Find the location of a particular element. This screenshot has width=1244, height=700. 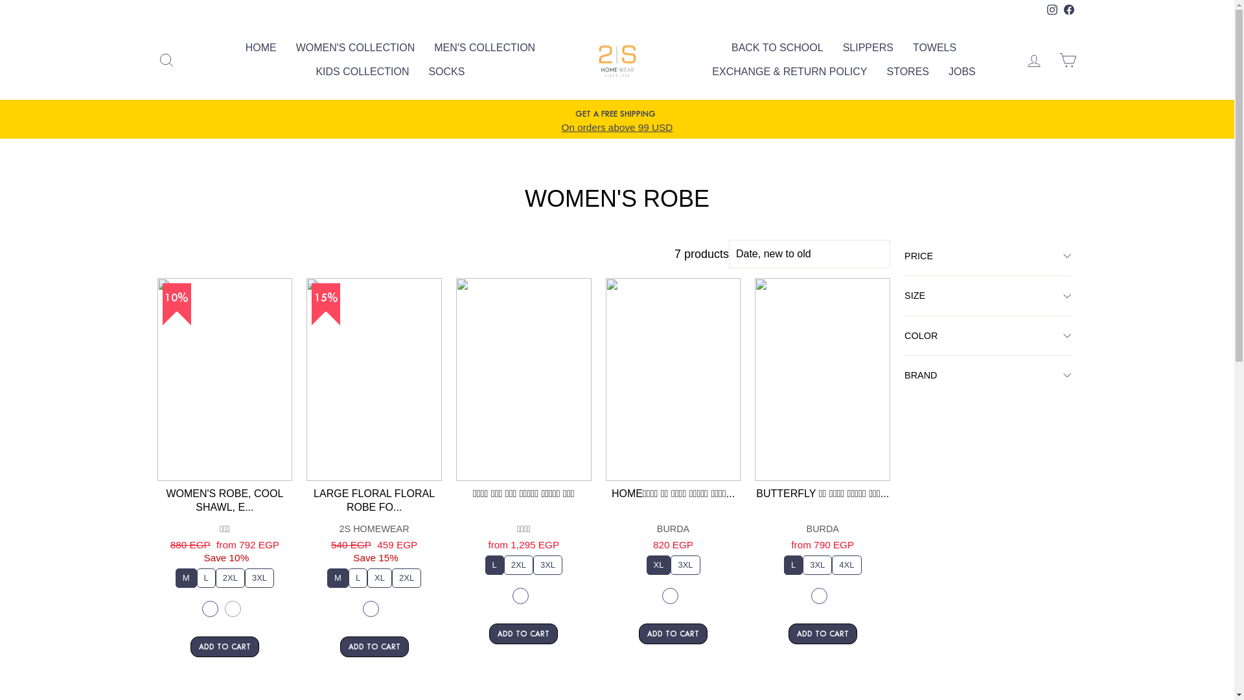

'MEN'S COLLECTION' is located at coordinates (484, 47).